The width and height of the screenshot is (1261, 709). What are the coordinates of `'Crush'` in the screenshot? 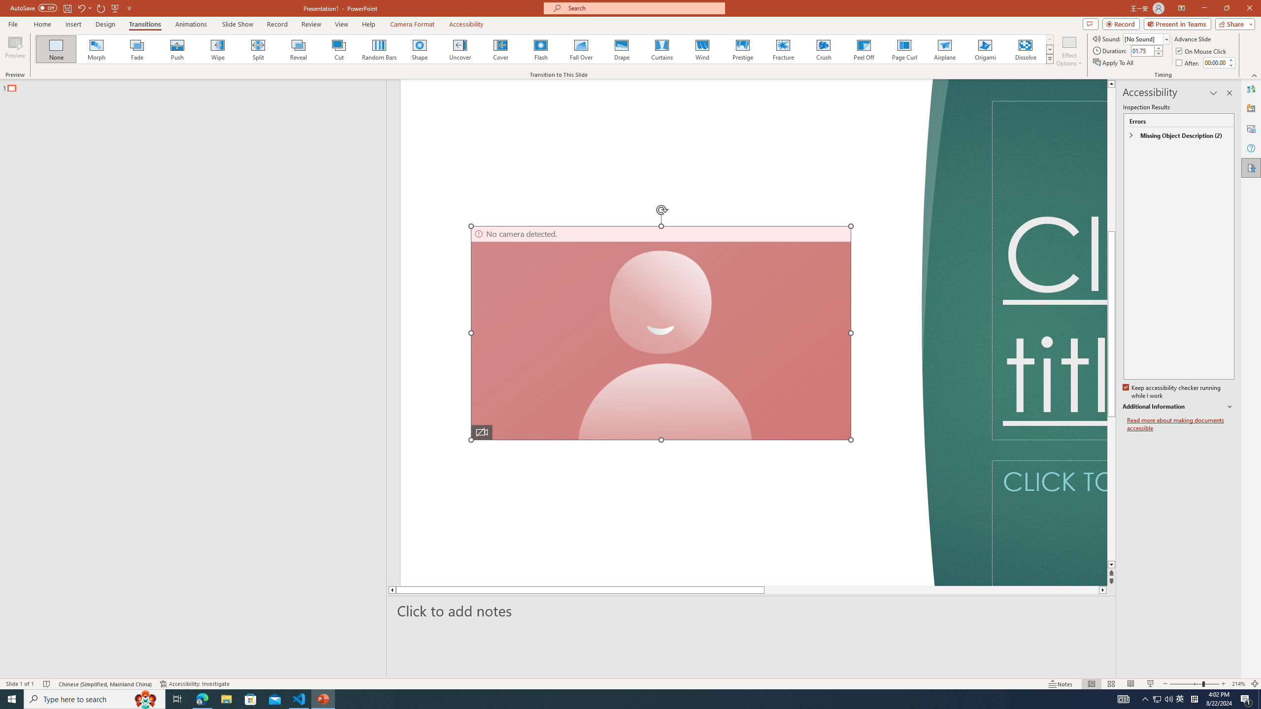 It's located at (823, 49).